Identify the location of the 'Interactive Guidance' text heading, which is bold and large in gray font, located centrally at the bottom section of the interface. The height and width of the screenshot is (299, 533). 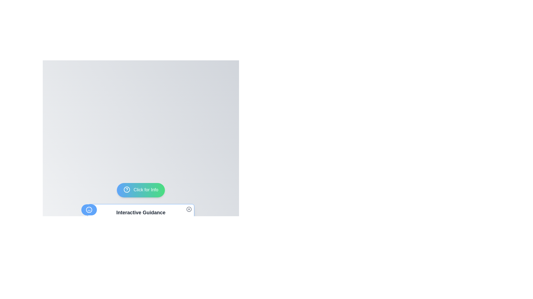
(141, 212).